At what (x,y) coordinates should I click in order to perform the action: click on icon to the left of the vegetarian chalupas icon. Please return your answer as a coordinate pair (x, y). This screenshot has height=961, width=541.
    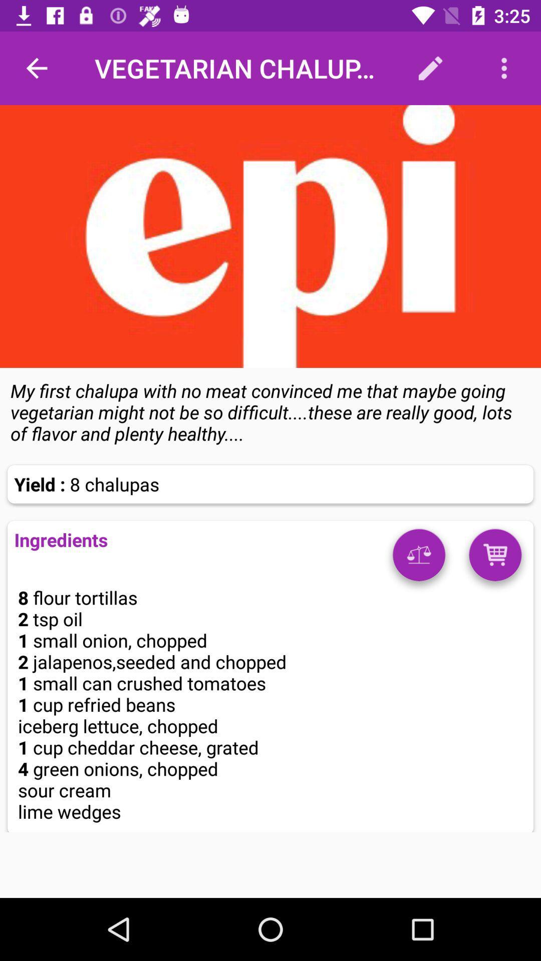
    Looking at the image, I should click on (36, 68).